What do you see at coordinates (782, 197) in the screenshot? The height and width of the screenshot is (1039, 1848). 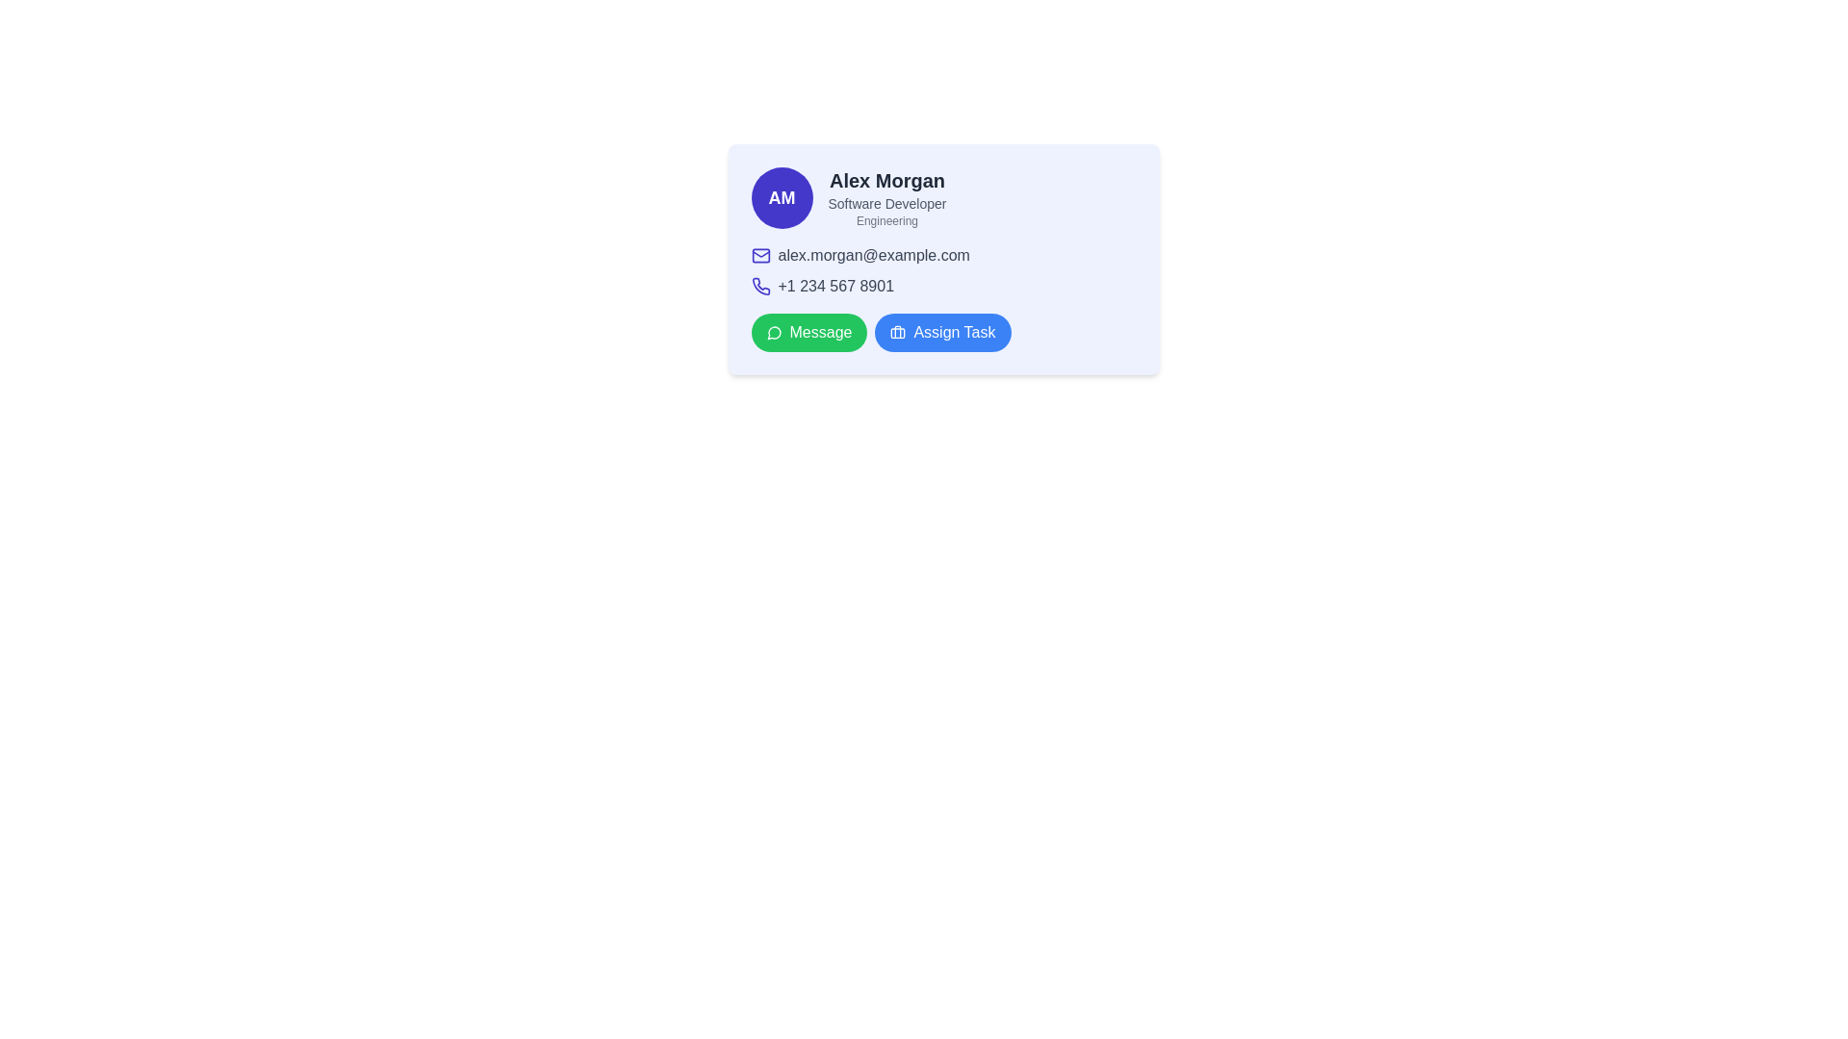 I see `the circular avatar with a purple background and white text 'AM'` at bounding box center [782, 197].